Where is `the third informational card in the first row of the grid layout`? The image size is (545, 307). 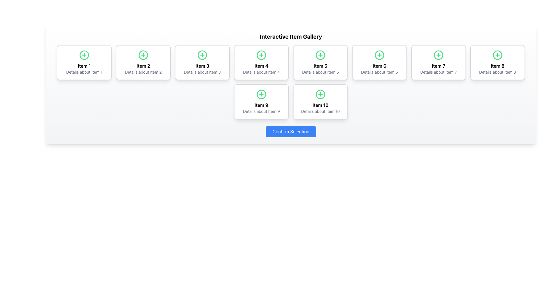 the third informational card in the first row of the grid layout is located at coordinates (202, 62).